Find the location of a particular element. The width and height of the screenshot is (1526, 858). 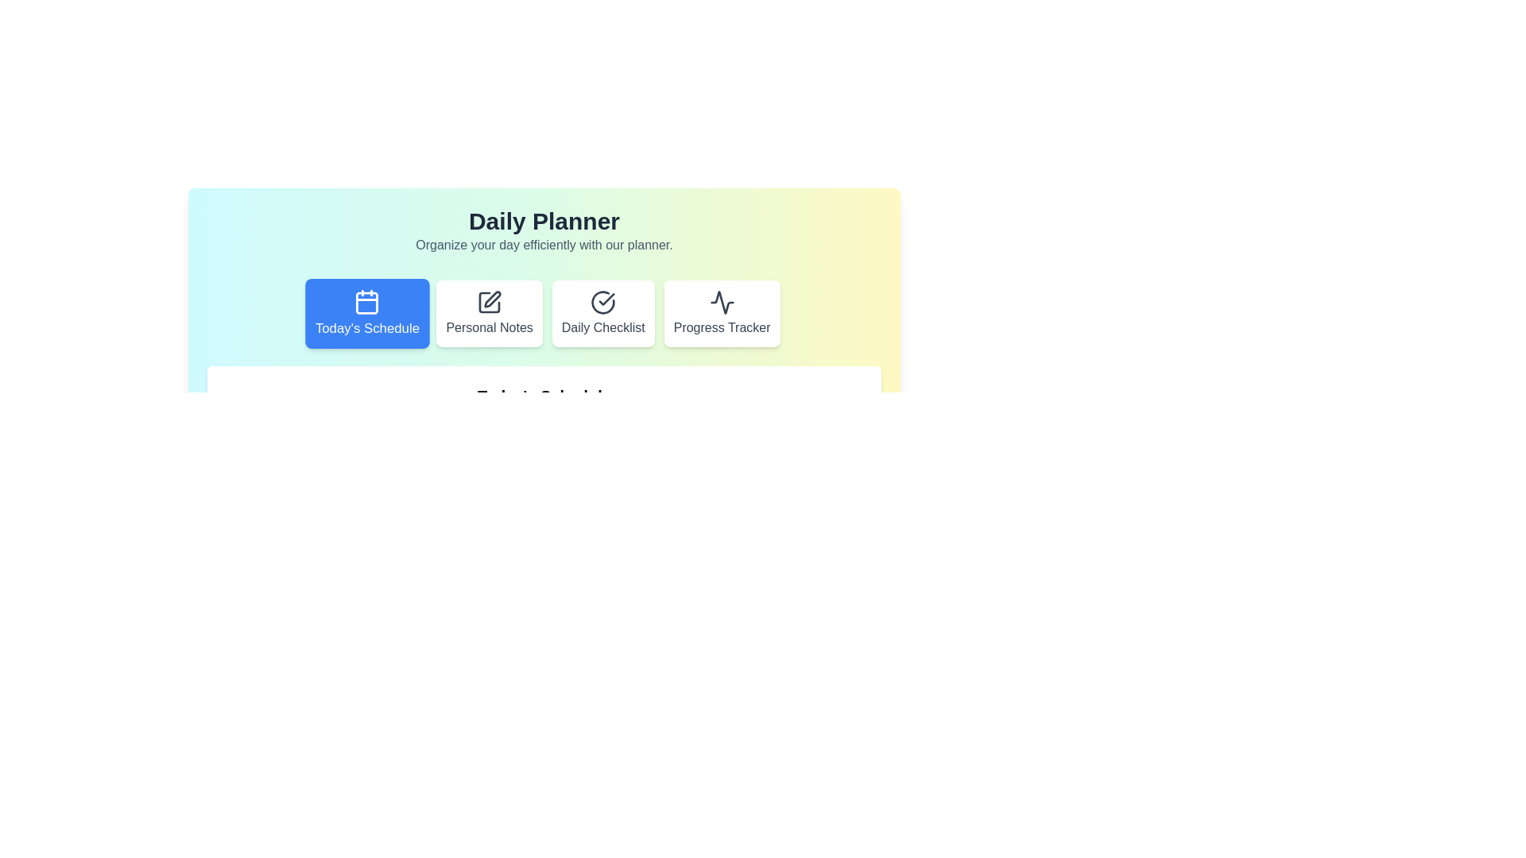

the tab corresponding to Progress Tracker is located at coordinates (721, 313).